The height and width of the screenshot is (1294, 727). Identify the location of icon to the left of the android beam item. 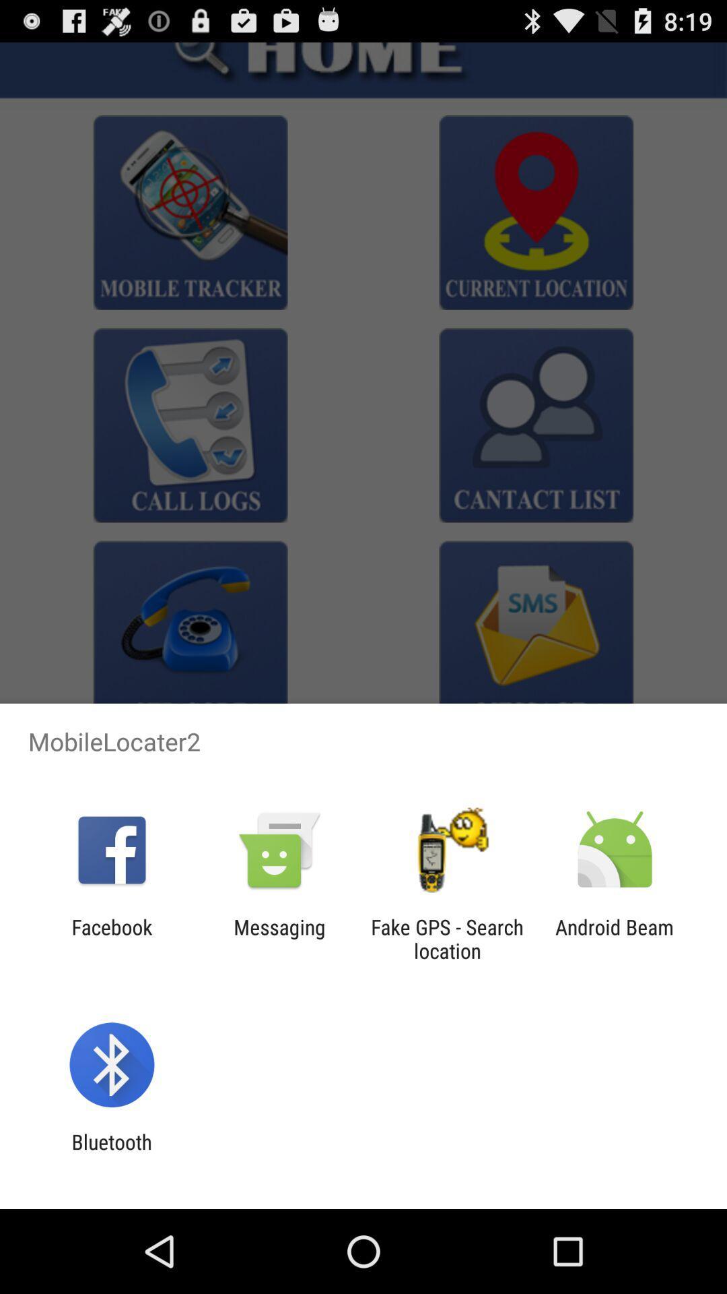
(447, 938).